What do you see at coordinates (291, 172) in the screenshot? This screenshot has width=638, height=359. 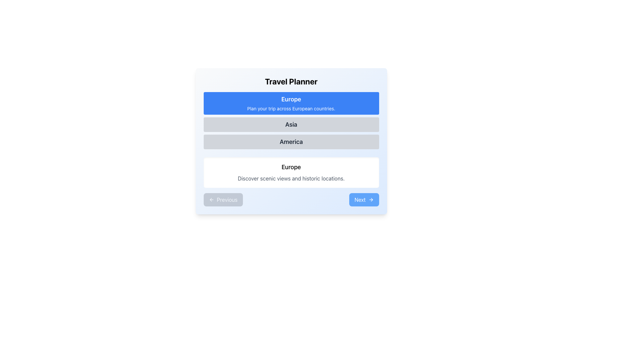 I see `the informational card about Europe located in the 'Travel Planner' section, positioned below the buttons labeled 'Europe', 'Asia', and 'America'` at bounding box center [291, 172].